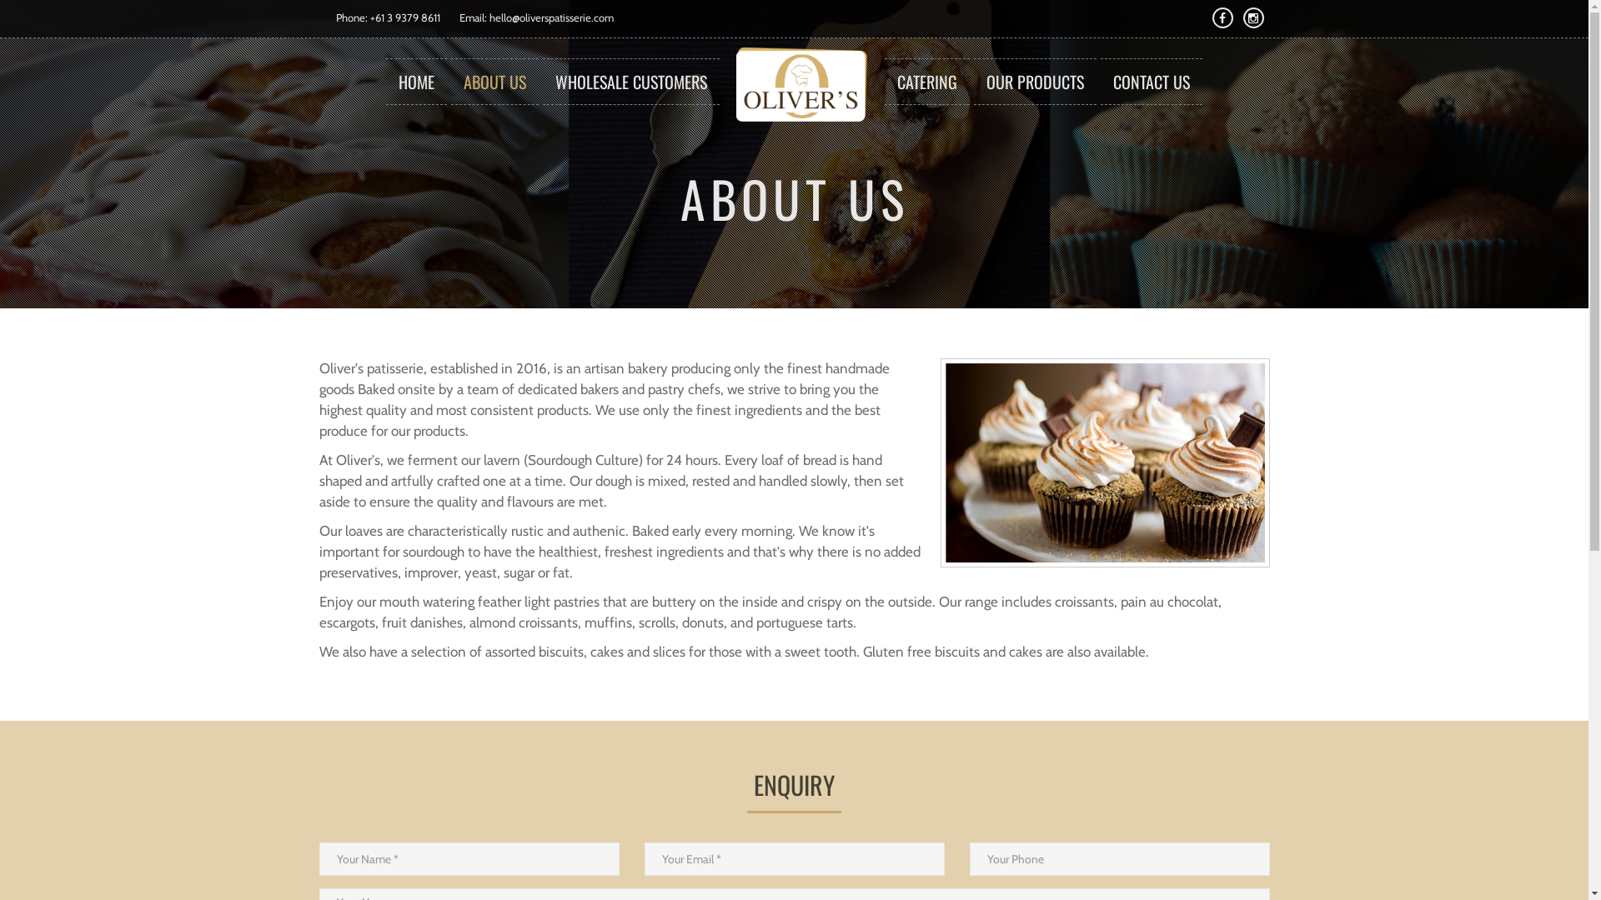 This screenshot has height=900, width=1601. I want to click on 'CONTACT US', so click(1151, 81).